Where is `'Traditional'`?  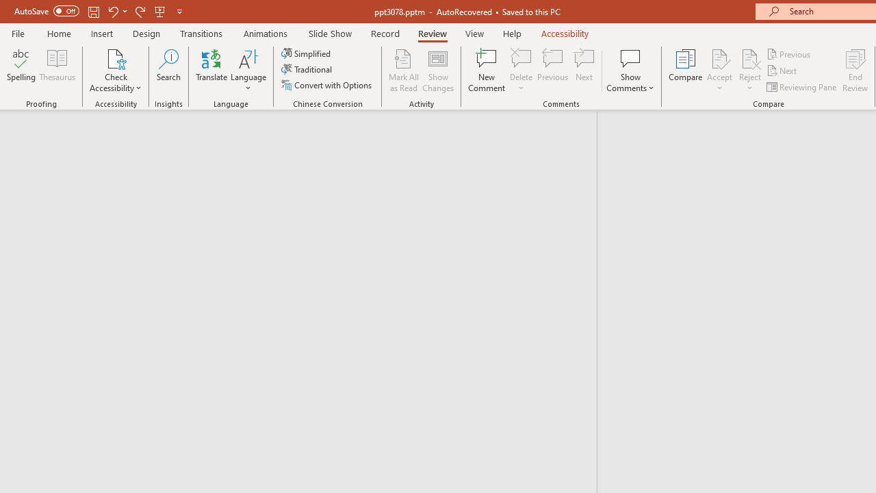 'Traditional' is located at coordinates (307, 69).